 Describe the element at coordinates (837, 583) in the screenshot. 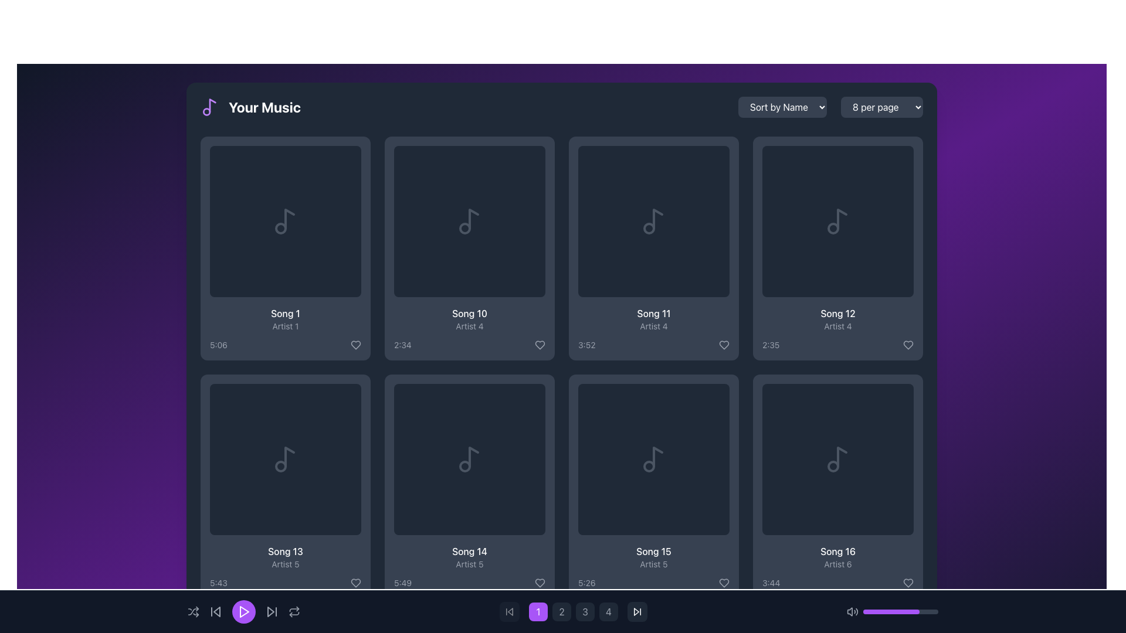

I see `the duration label displaying the song 'Song 16' by 'Artist 6', located at the bottom of the card adjacent to the interactive heart-shaped button` at that location.